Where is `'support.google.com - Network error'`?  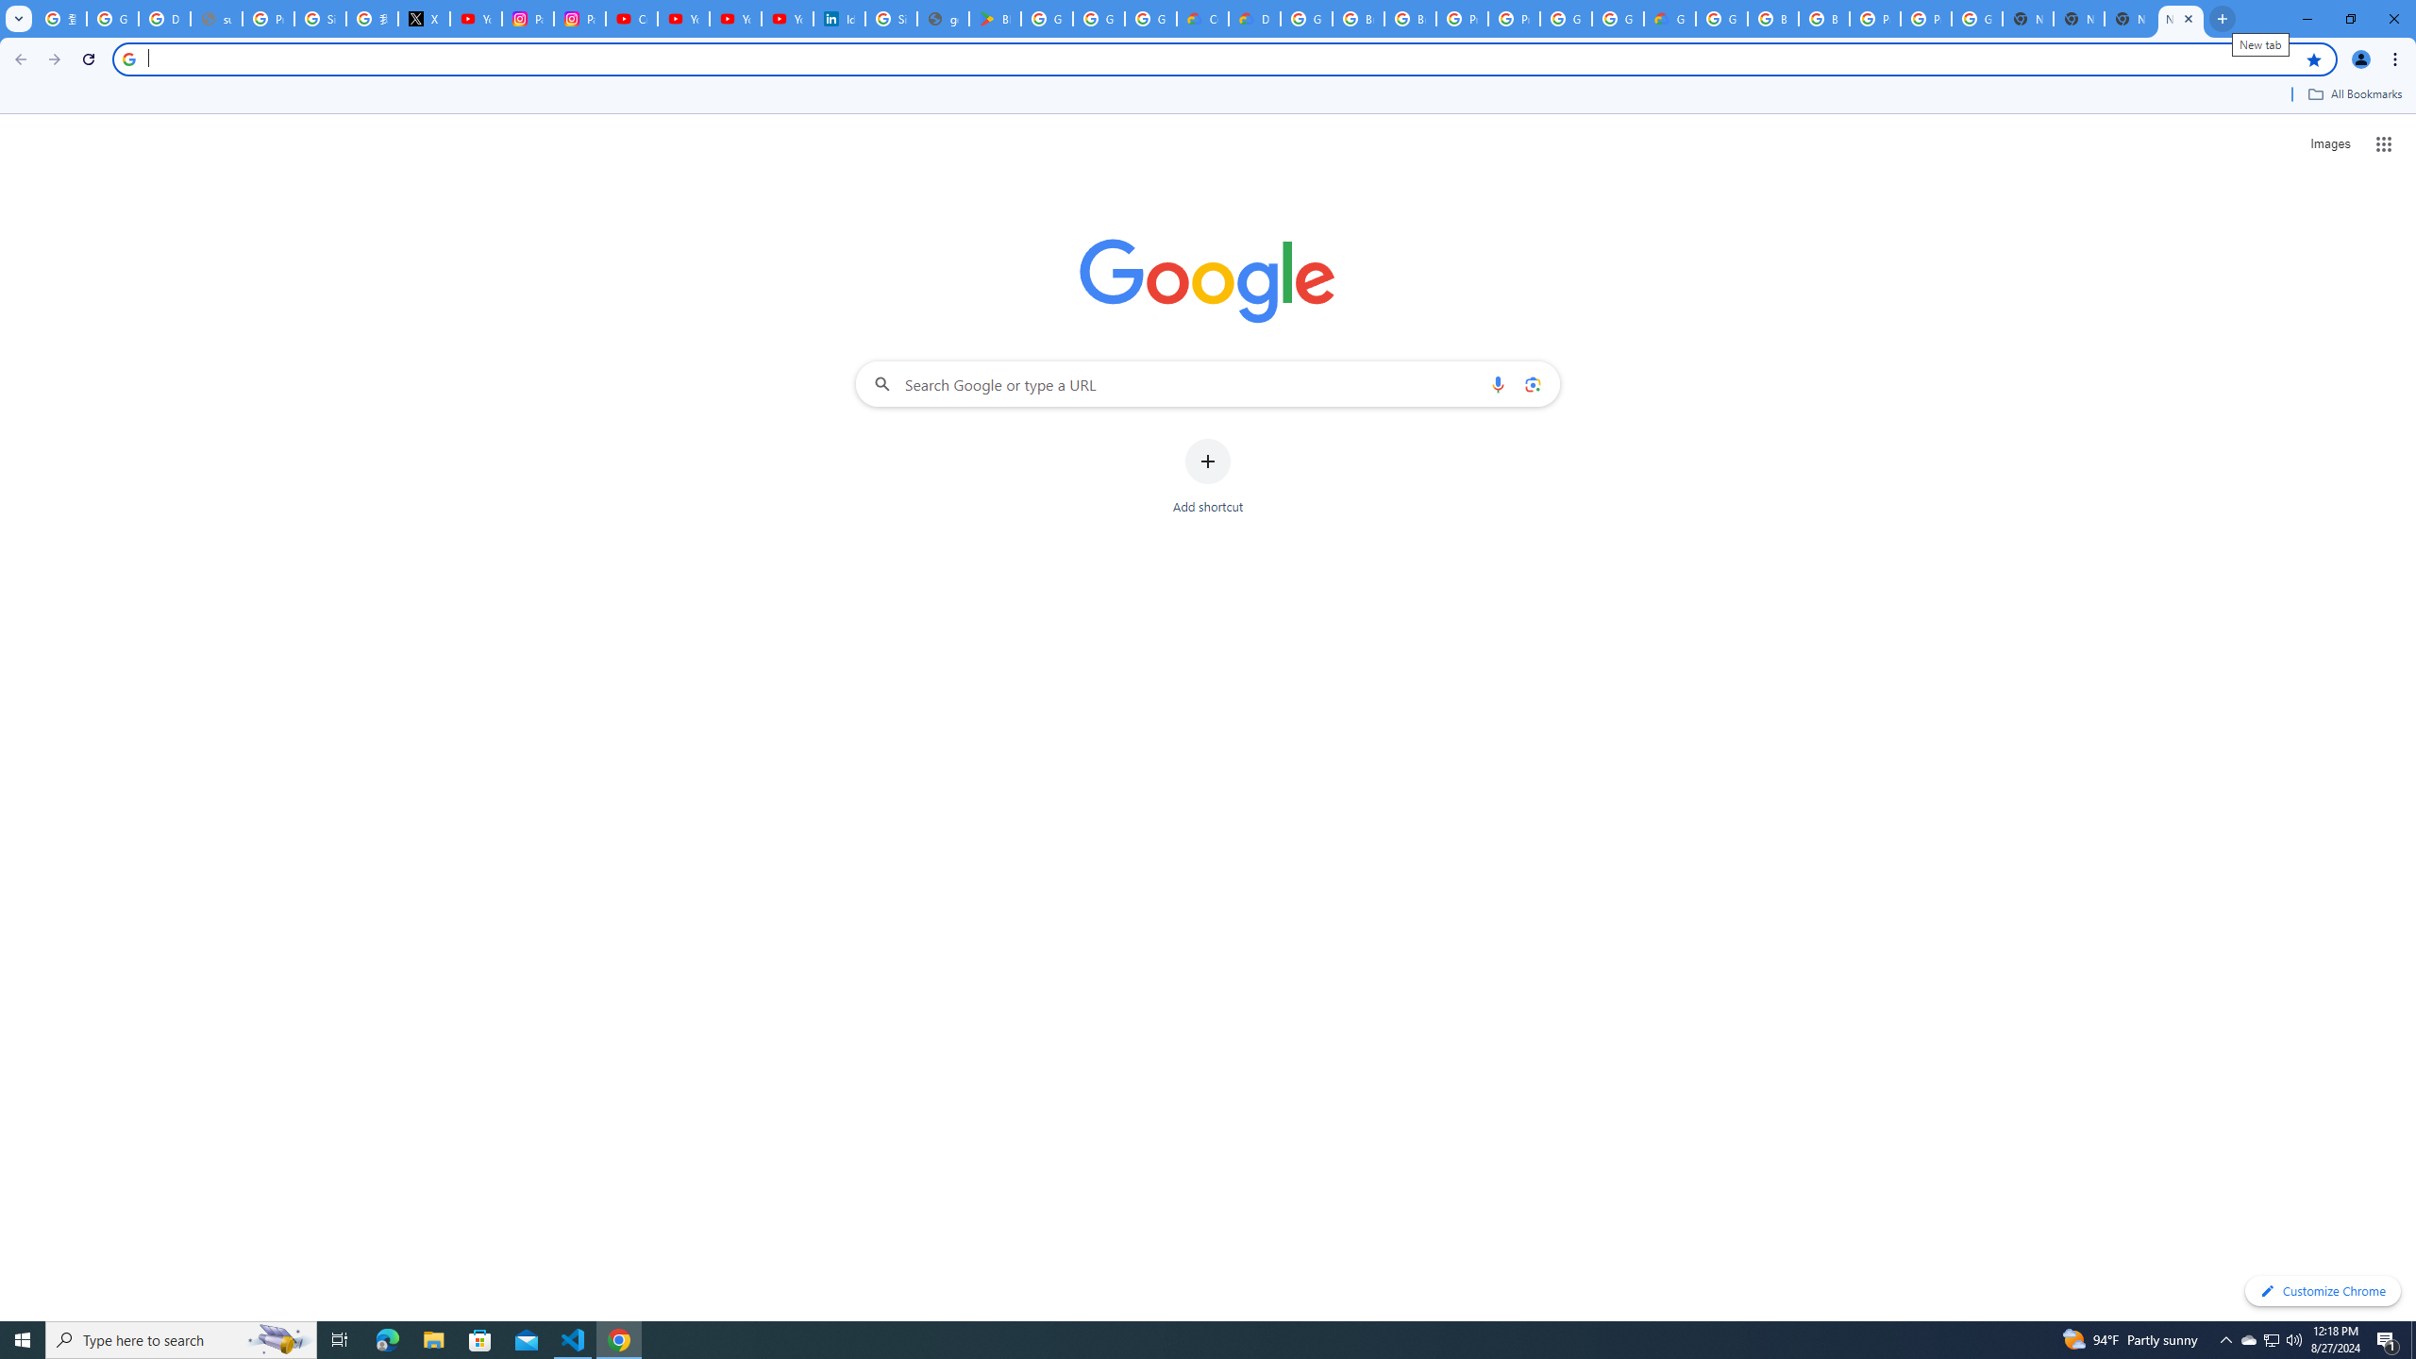 'support.google.com - Network error' is located at coordinates (215, 18).